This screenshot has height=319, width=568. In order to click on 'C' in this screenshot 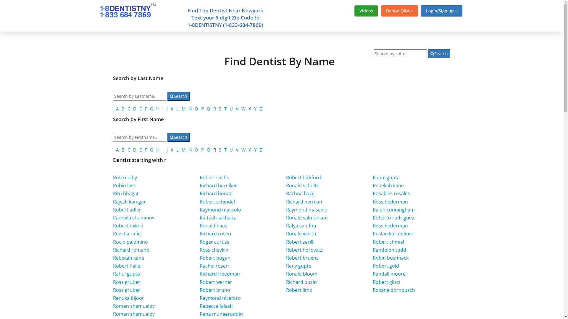, I will do `click(128, 108)`.